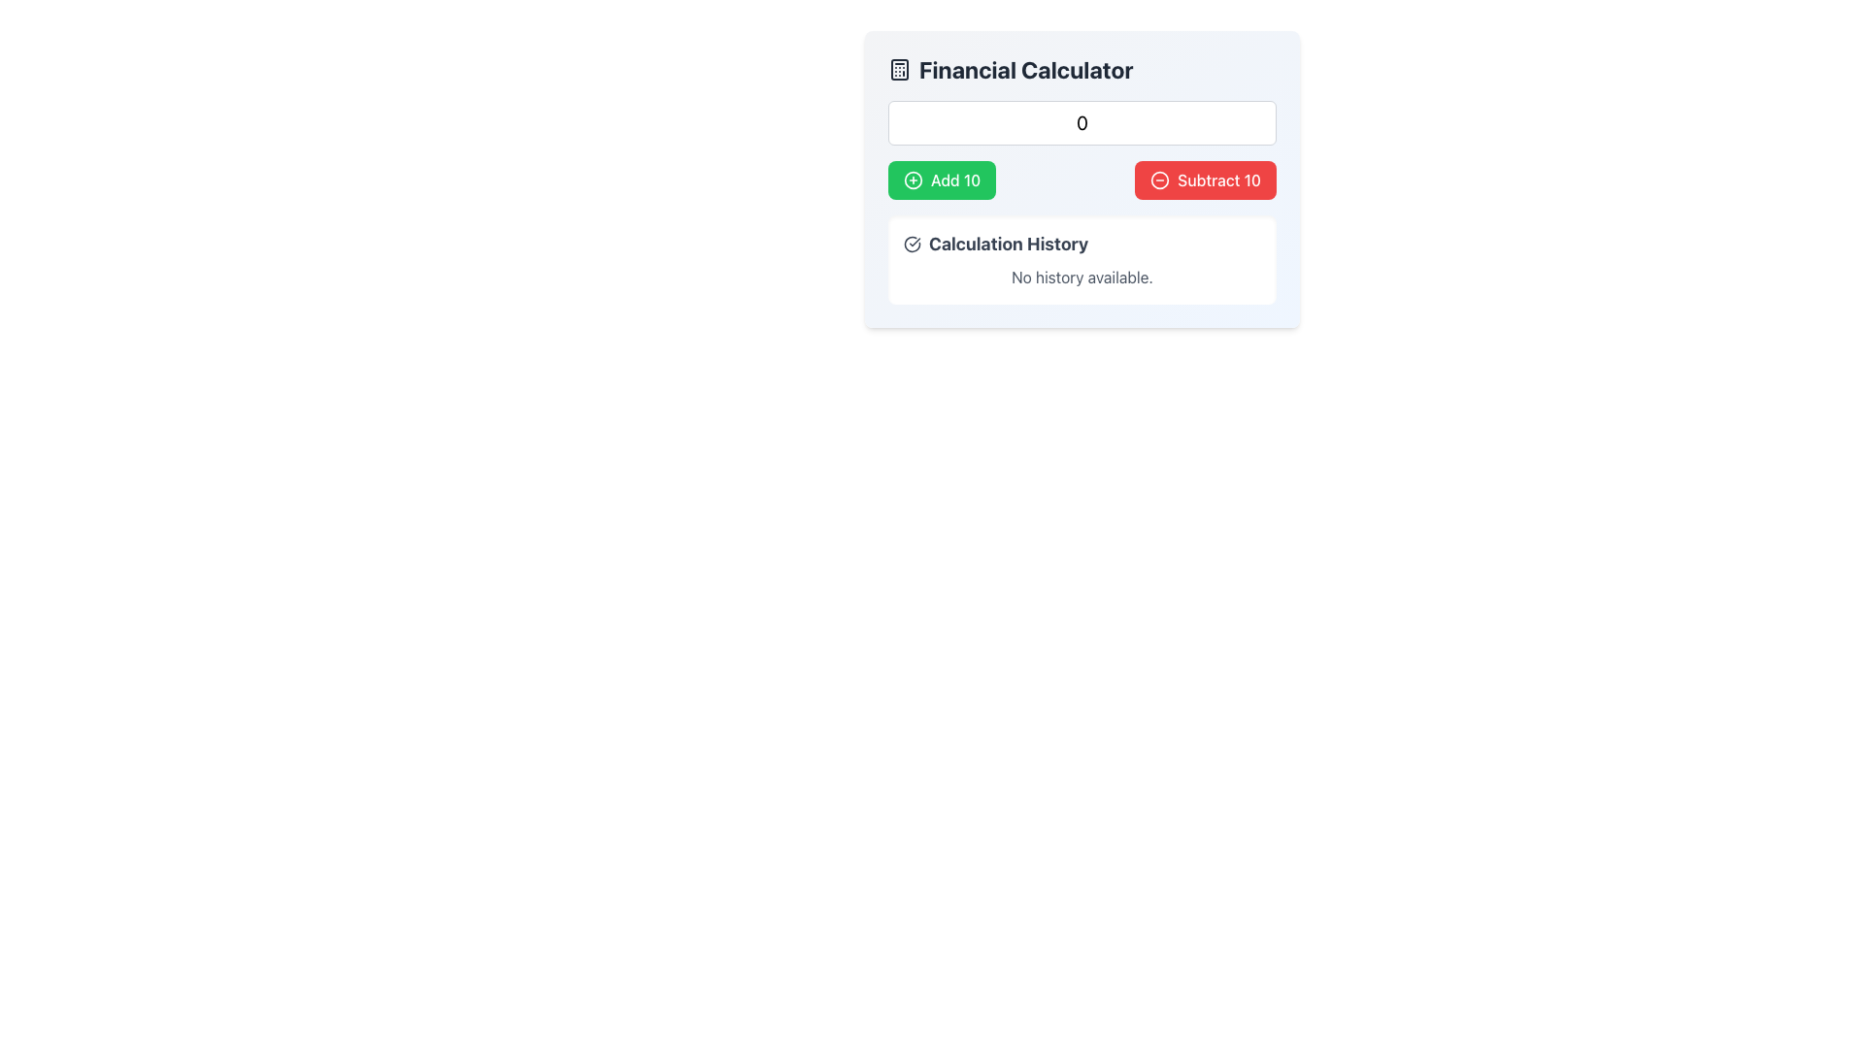 The height and width of the screenshot is (1048, 1864). I want to click on the Text Label that serves as a descriptive title for the application or section, positioned at the top of the card layout above the text input field displaying '0', so click(1081, 69).